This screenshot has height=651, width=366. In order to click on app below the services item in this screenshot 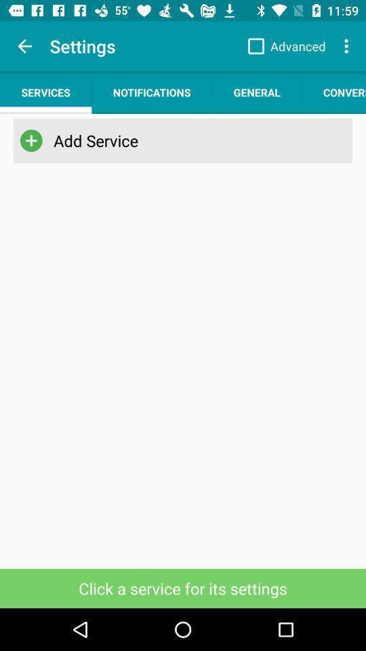, I will do `click(31, 140)`.